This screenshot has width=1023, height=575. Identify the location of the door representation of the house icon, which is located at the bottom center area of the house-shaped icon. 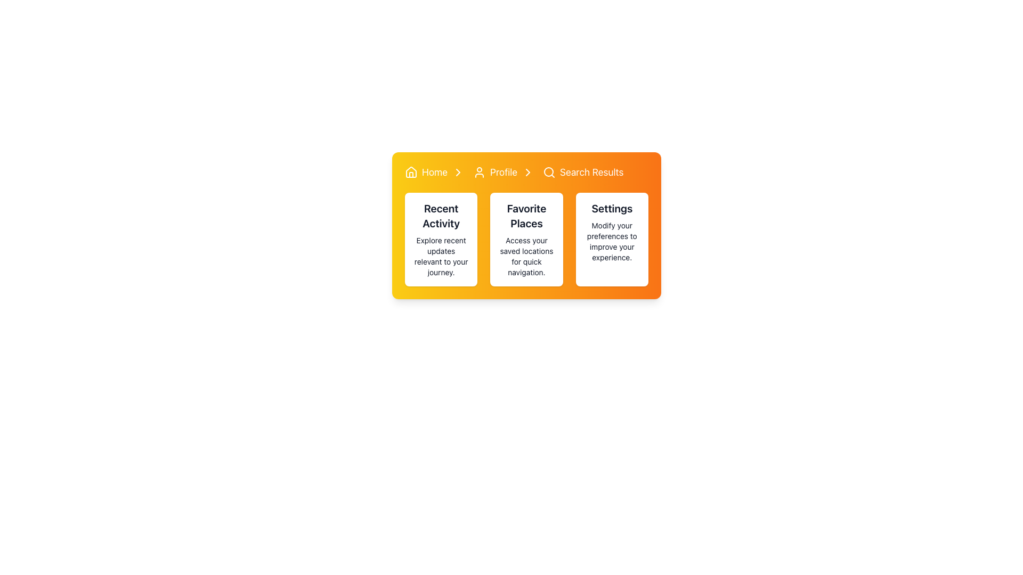
(411, 174).